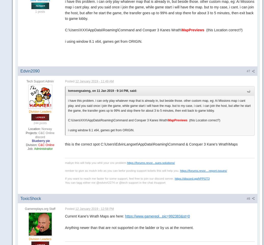  What do you see at coordinates (152, 144) in the screenshot?
I see `'this is the correct spot C:\Users\EdvinLangset\AppData\Roaming\Command & Conquer 3 Kane's Wrath\Maps'` at bounding box center [152, 144].